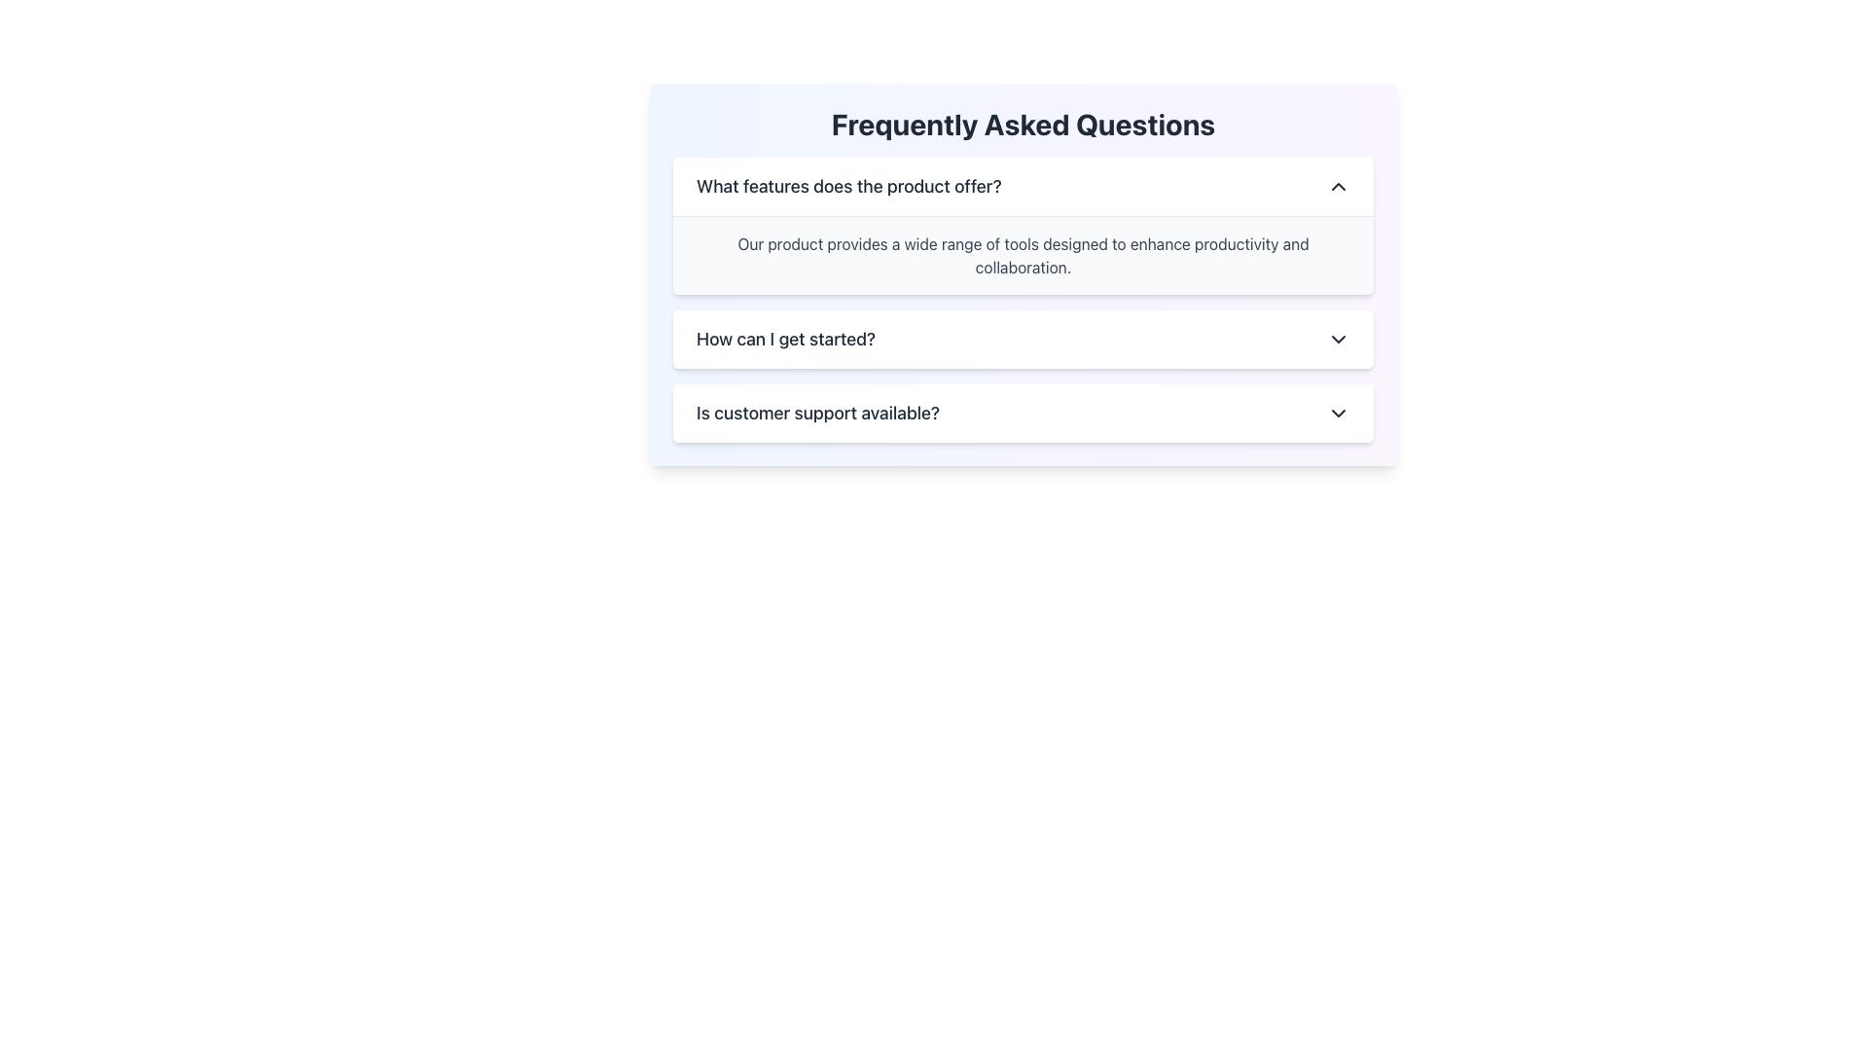  What do you see at coordinates (1022, 254) in the screenshot?
I see `text from the Text block element that contains the content: 'Our product provides a wide range of tools designed to enhance productivity and collaboration.'` at bounding box center [1022, 254].